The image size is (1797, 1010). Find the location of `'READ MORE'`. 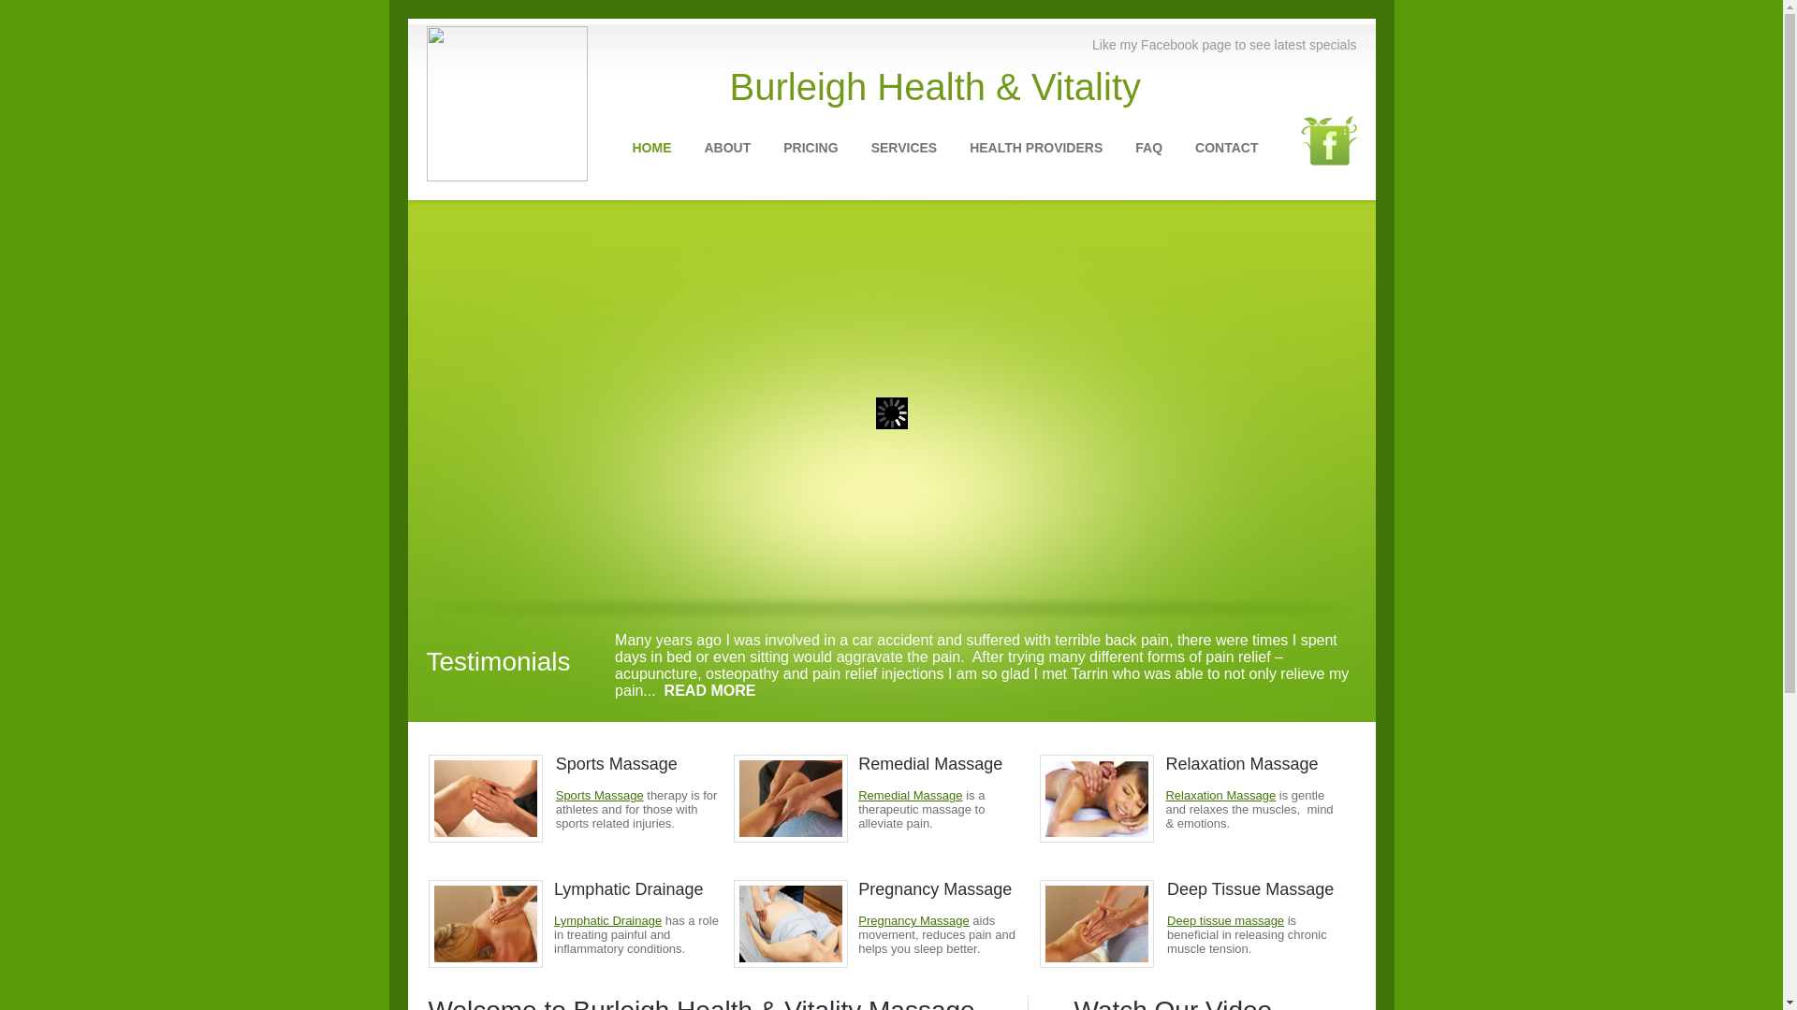

'READ MORE' is located at coordinates (709, 690).